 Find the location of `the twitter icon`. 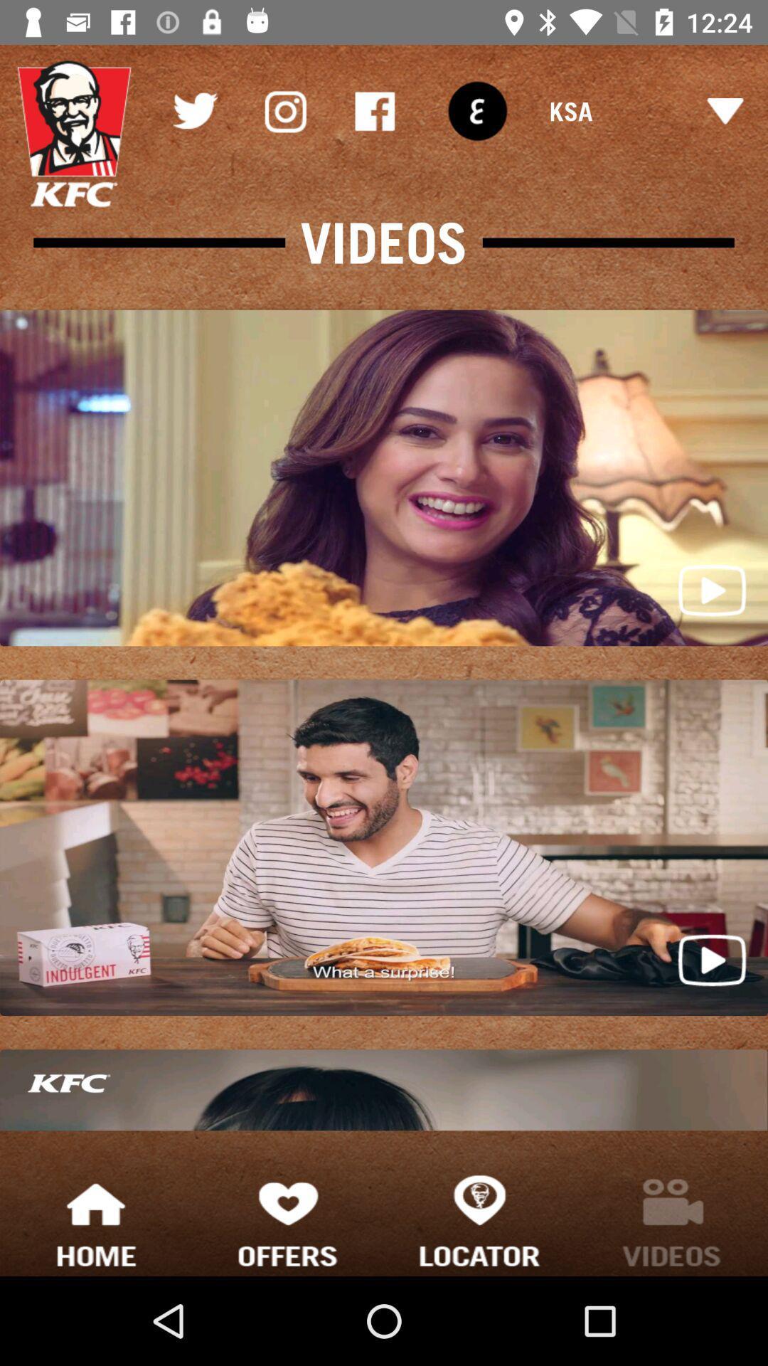

the twitter icon is located at coordinates (194, 110).